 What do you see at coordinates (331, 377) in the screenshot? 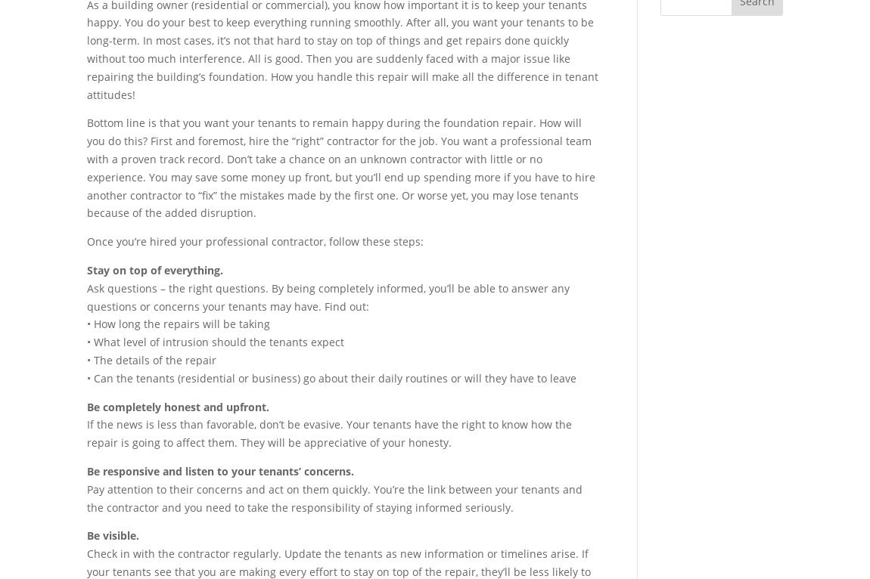
I see `'•	Can the tenants (residential or business) go about their daily routines or will they have to leave'` at bounding box center [331, 377].